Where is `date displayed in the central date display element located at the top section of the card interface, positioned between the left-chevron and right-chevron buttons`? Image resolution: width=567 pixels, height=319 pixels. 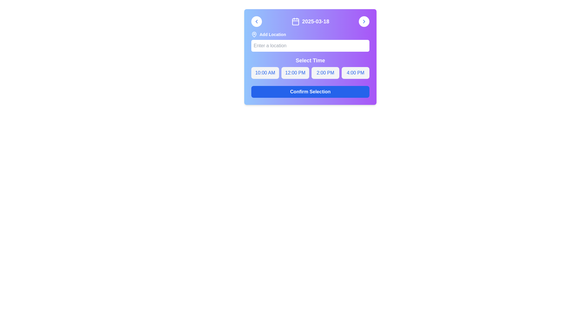 date displayed in the central date display element located at the top section of the card interface, positioned between the left-chevron and right-chevron buttons is located at coordinates (310, 21).